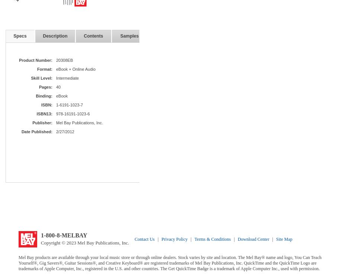 The image size is (355, 275). Describe the element at coordinates (41, 78) in the screenshot. I see `'Skill Level:'` at that location.